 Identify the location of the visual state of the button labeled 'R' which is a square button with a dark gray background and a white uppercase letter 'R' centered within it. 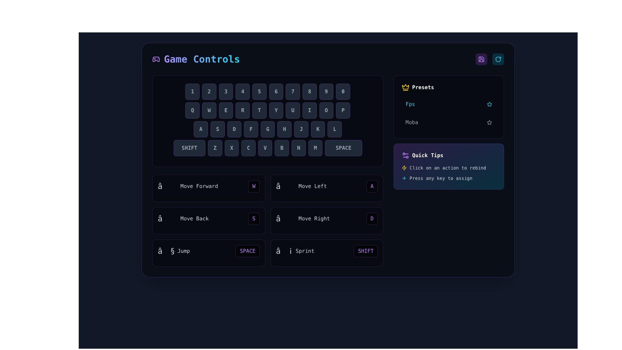
(242, 110).